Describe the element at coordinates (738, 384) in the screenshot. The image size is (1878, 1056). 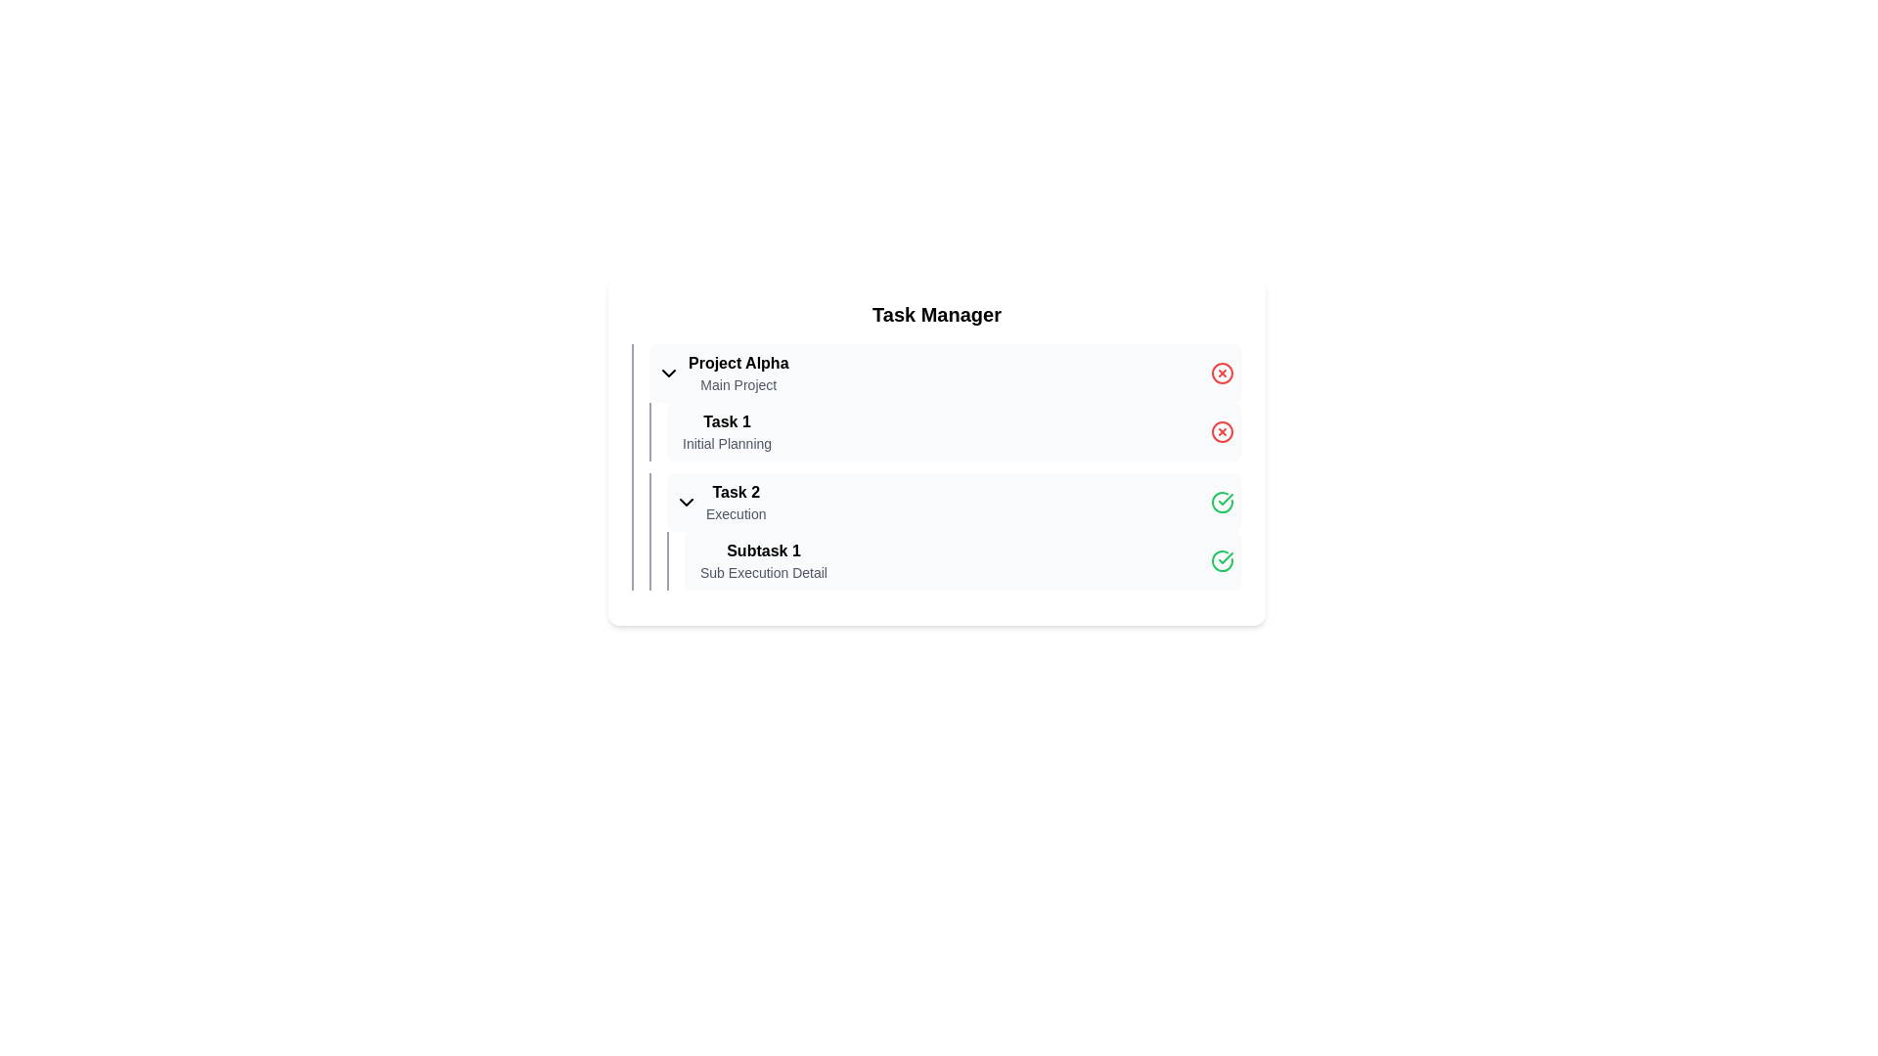
I see `the Text label that provides a descriptor for the project titled 'Project Alpha', located within the task management interface under the 'Task Manager' heading` at that location.